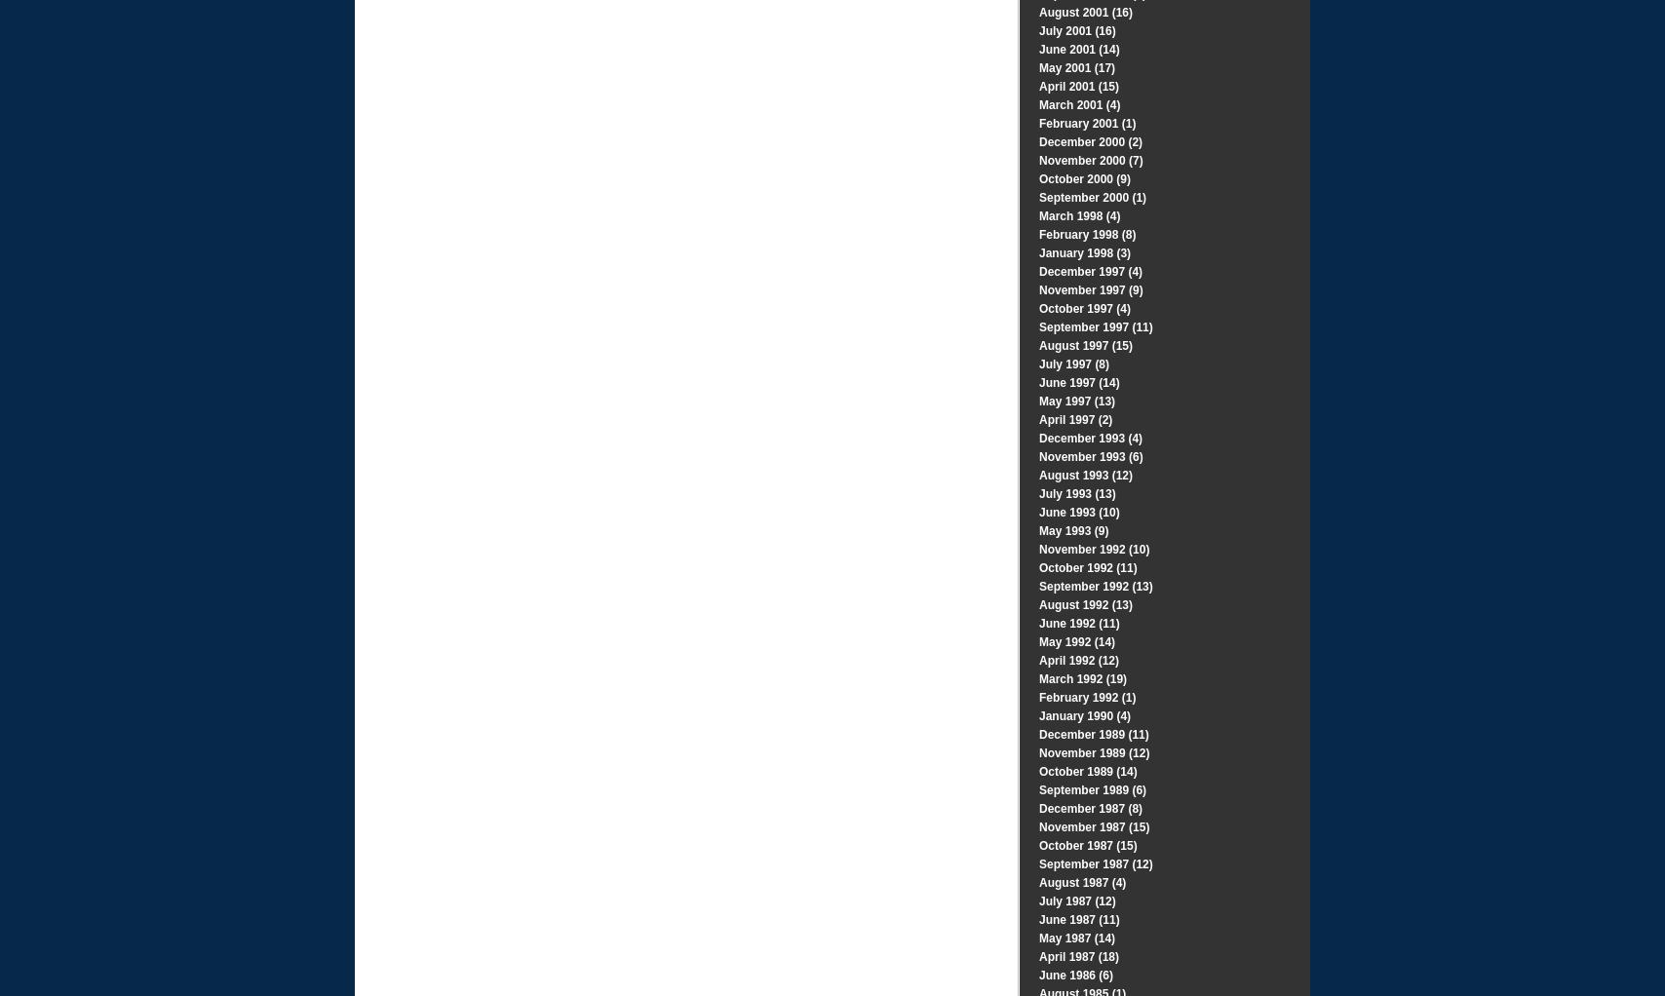 The width and height of the screenshot is (1665, 996). I want to click on 'June 1992 (11)', so click(1078, 623).